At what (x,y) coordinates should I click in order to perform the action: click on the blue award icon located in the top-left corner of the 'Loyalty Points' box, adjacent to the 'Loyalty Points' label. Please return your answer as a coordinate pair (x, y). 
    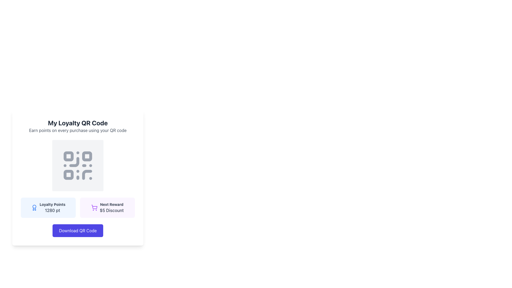
    Looking at the image, I should click on (34, 207).